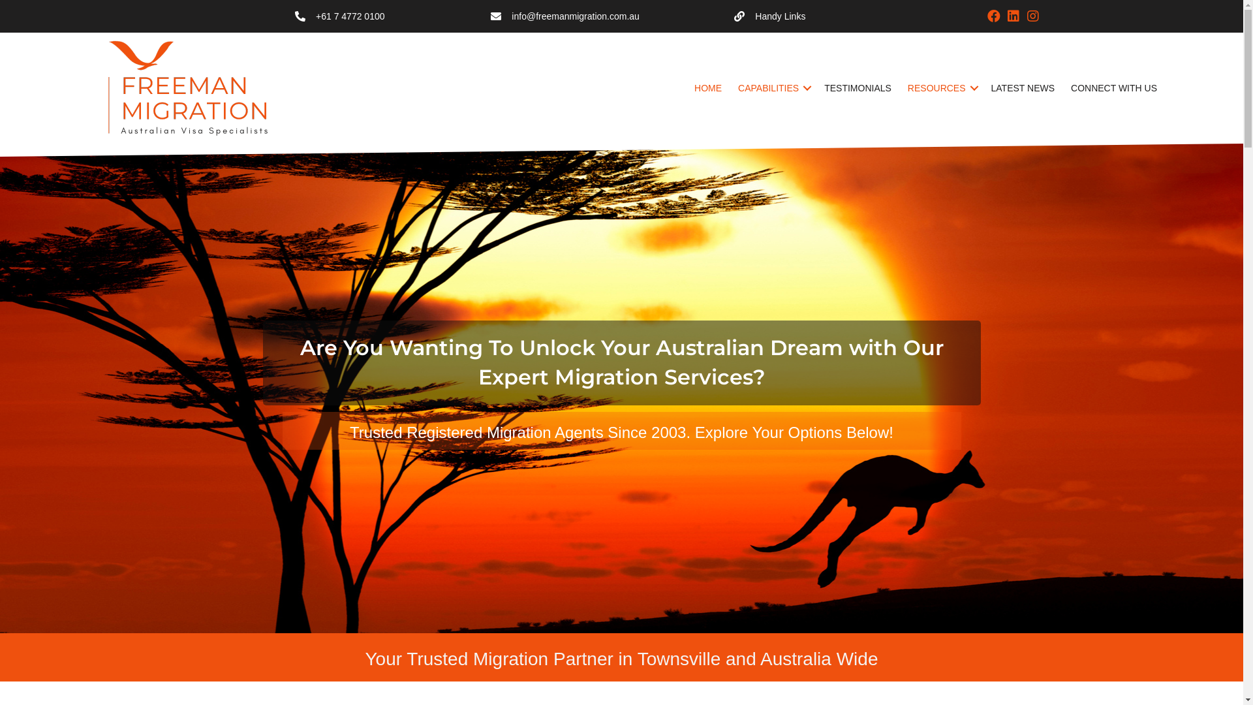  What do you see at coordinates (993, 16) in the screenshot?
I see `'Facebook'` at bounding box center [993, 16].